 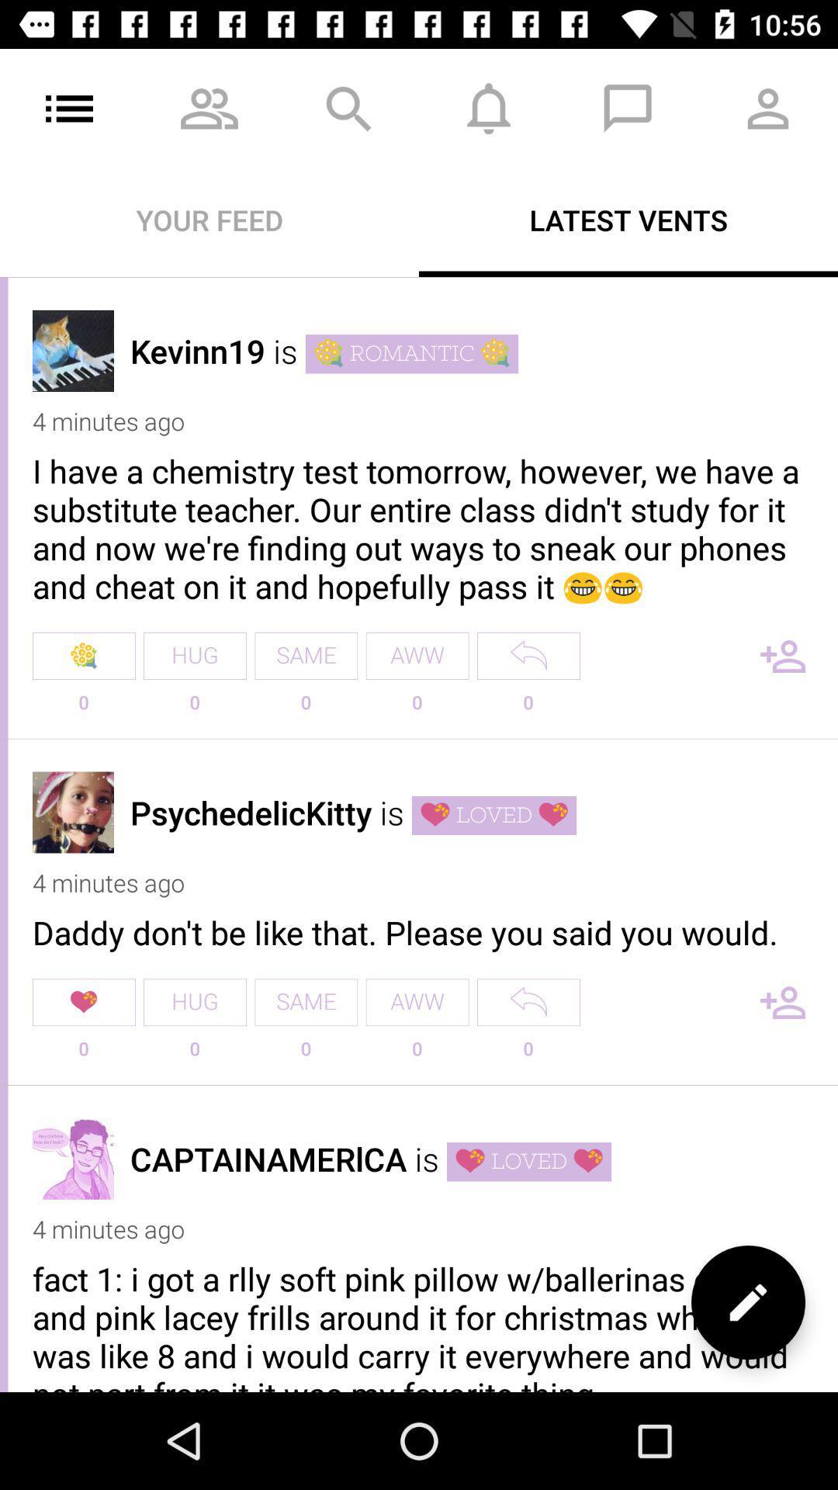 What do you see at coordinates (747, 1302) in the screenshot?
I see `compose message` at bounding box center [747, 1302].